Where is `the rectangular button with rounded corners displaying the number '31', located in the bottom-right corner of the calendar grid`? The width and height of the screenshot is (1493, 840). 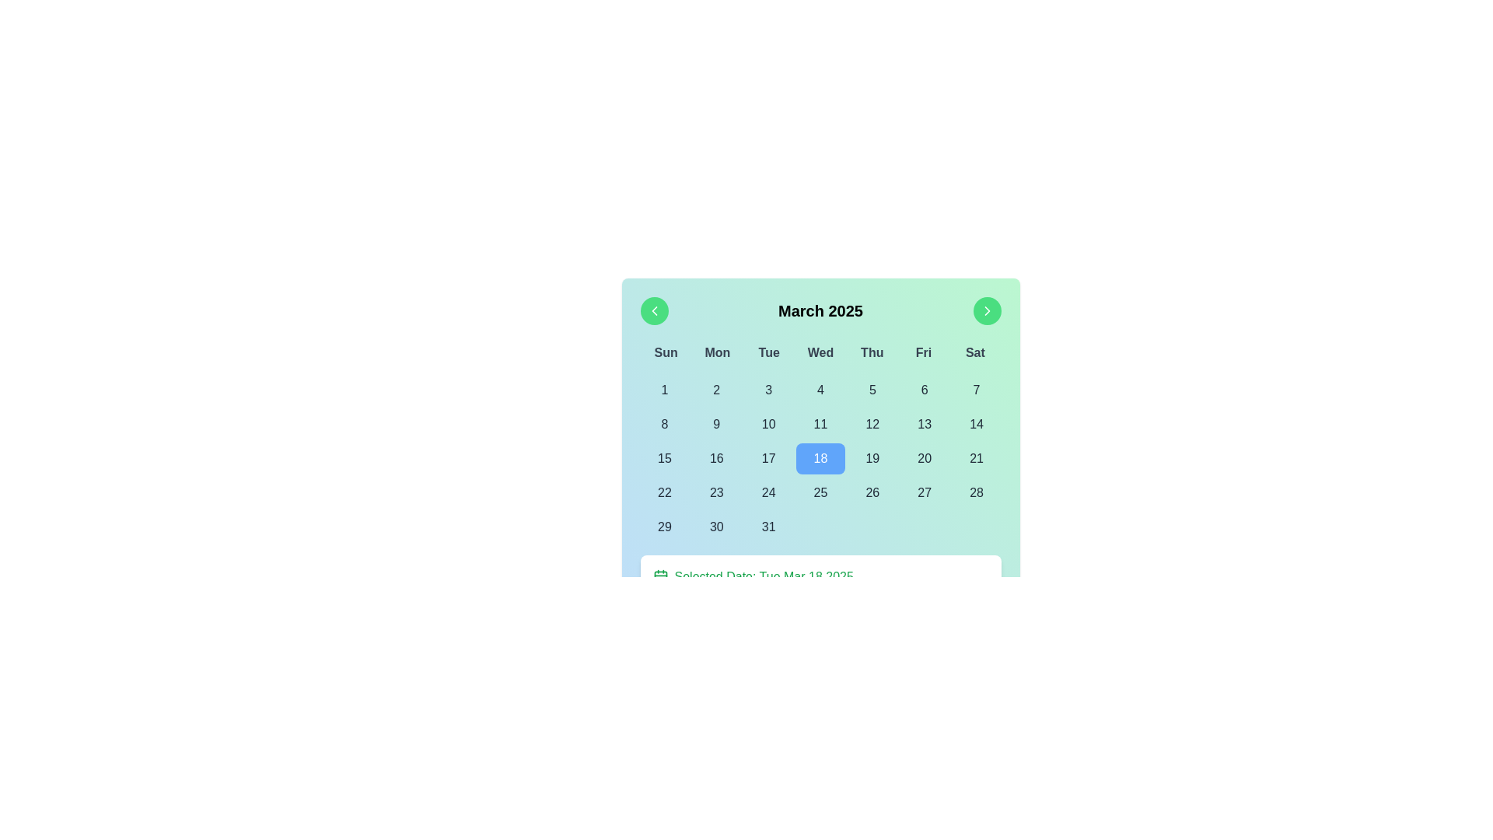 the rectangular button with rounded corners displaying the number '31', located in the bottom-right corner of the calendar grid is located at coordinates (768, 527).